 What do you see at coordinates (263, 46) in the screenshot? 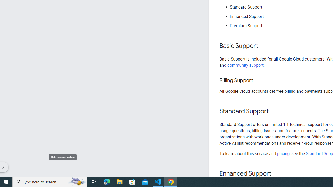
I see `'Copy link to this section: Basic Support'` at bounding box center [263, 46].